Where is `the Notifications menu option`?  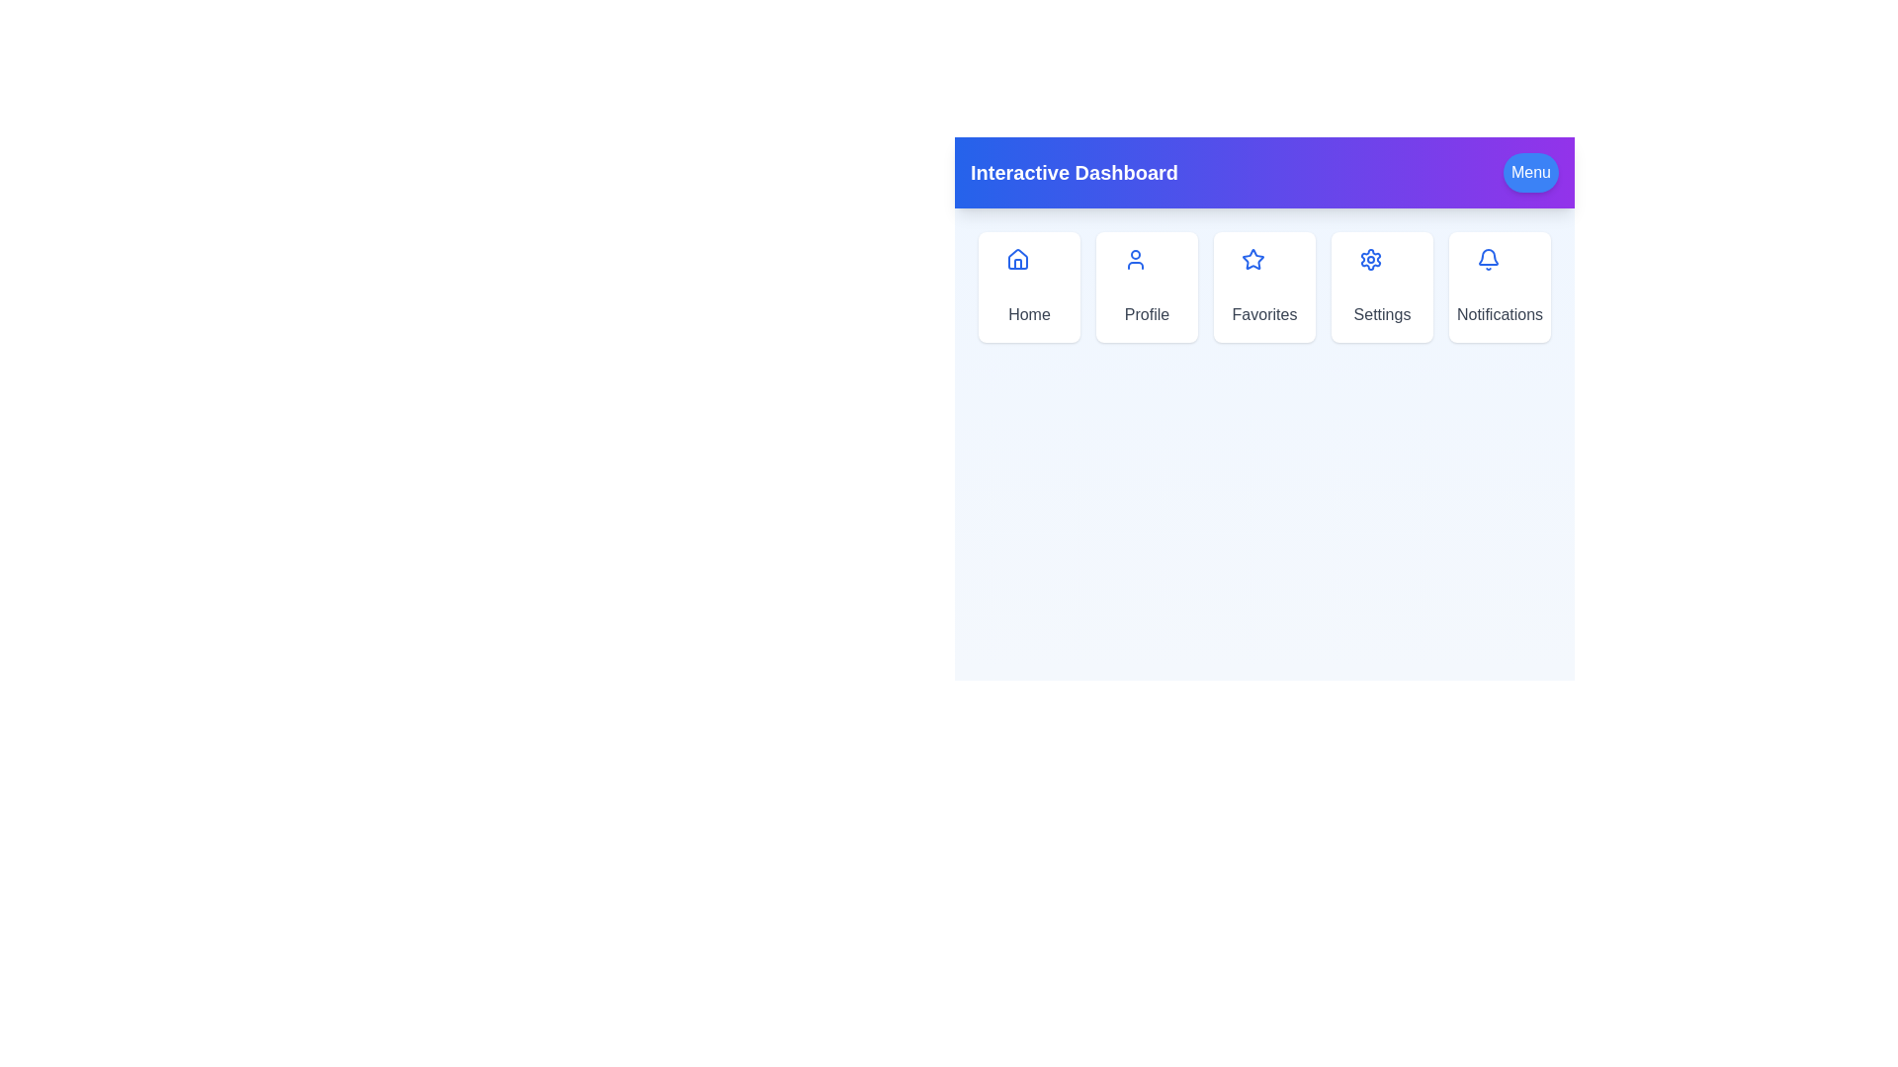
the Notifications menu option is located at coordinates (1500, 287).